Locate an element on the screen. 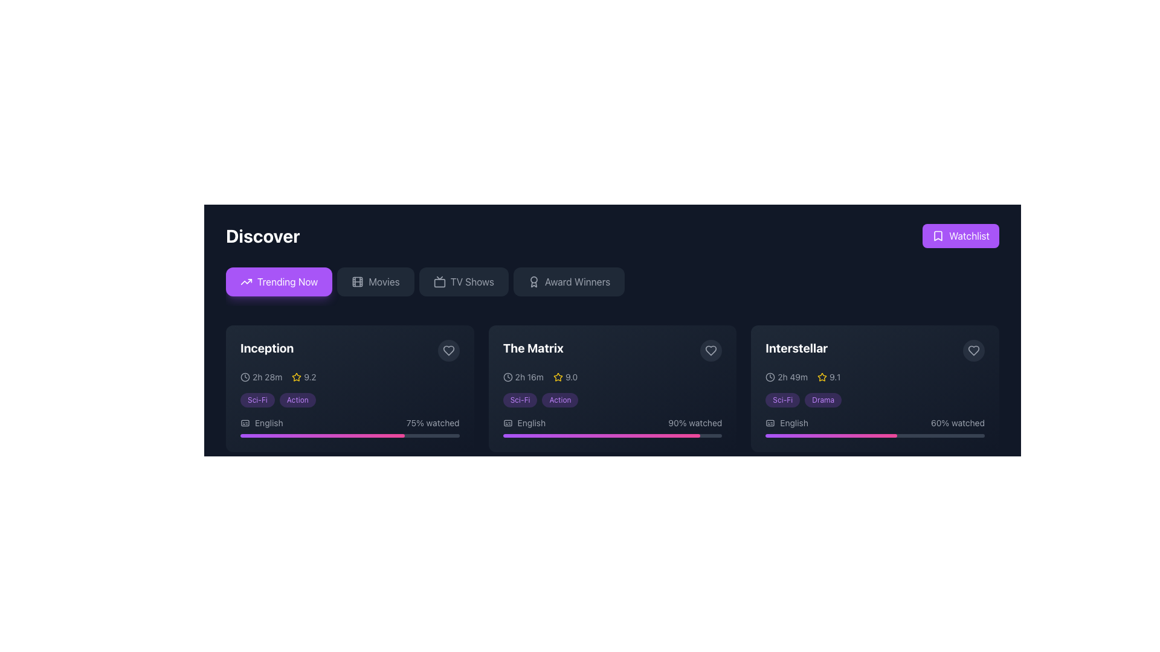 Image resolution: width=1160 pixels, height=652 pixels. the icon representing the time duration of the movie 'Interstellar', located to the left of the text '2h 49m' within the card is located at coordinates (770, 376).